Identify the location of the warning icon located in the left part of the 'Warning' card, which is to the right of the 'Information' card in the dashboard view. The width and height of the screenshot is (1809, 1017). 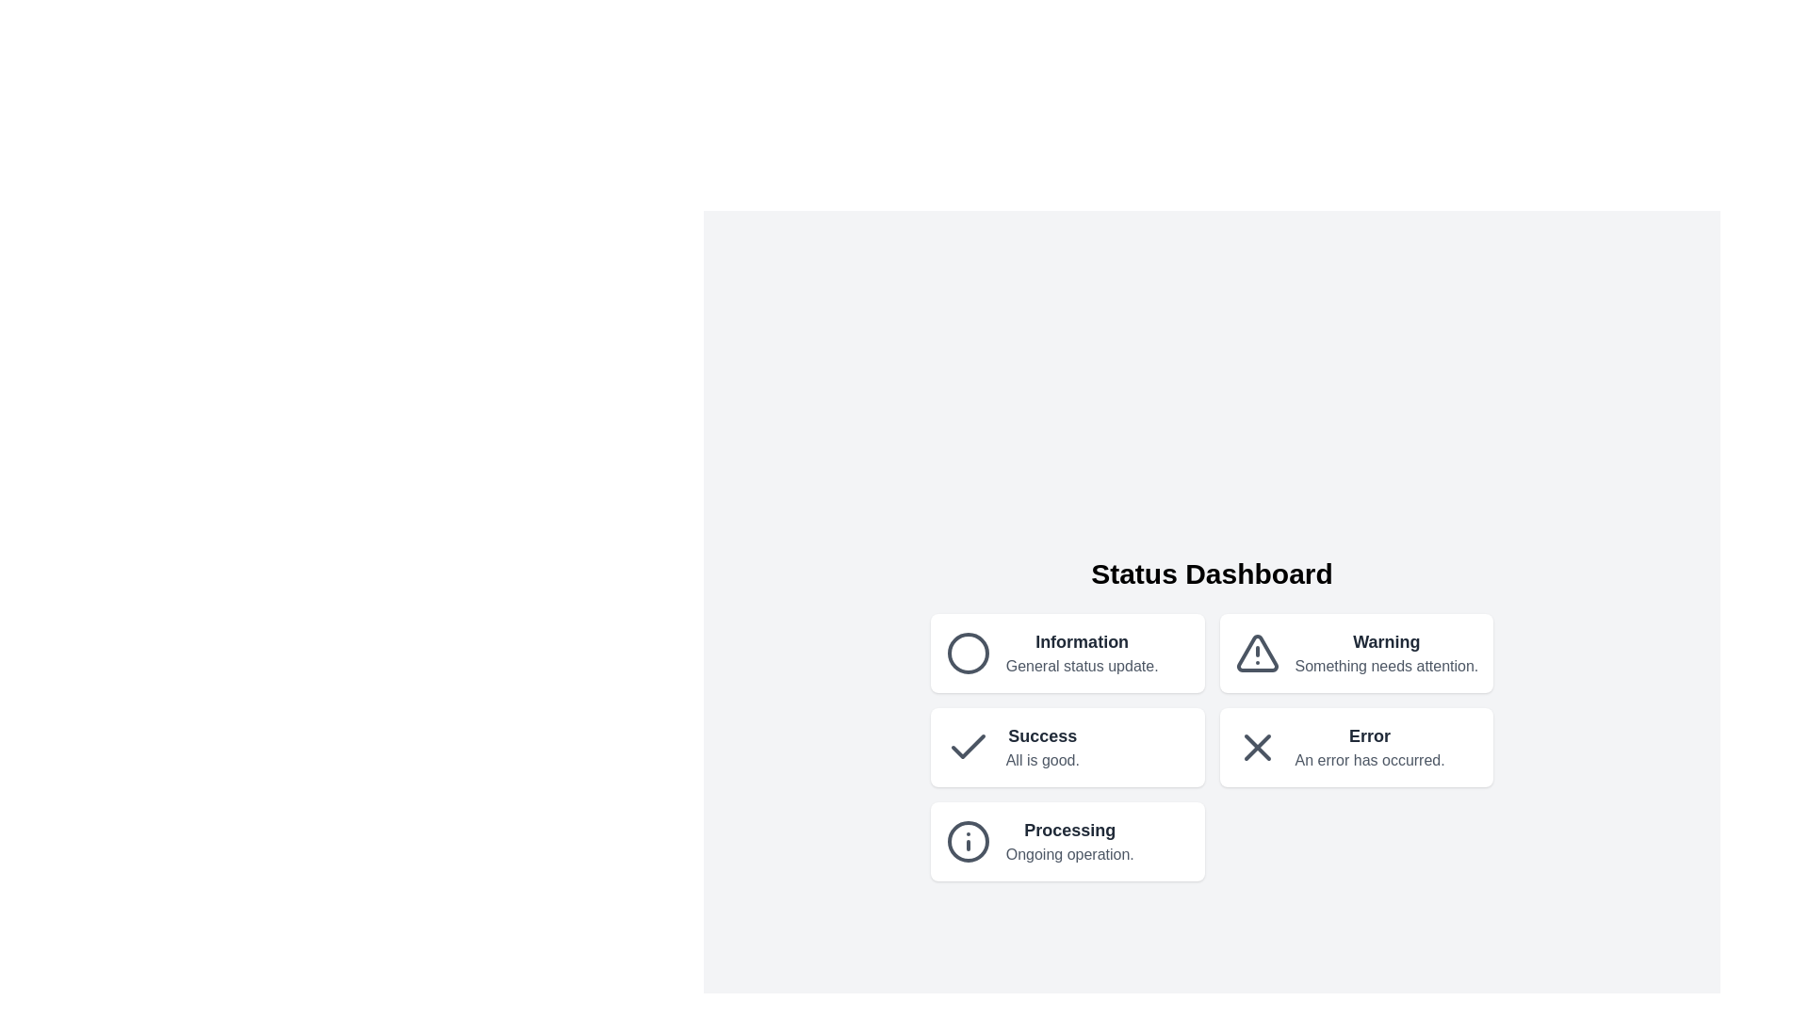
(1257, 653).